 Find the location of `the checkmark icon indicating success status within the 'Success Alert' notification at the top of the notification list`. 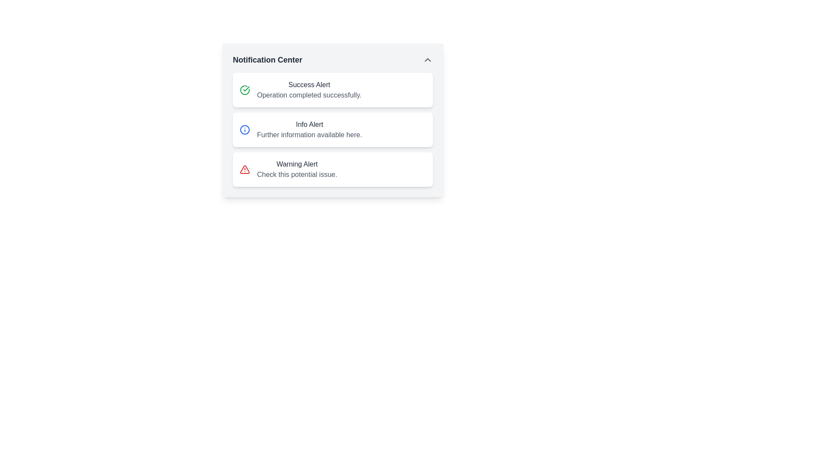

the checkmark icon indicating success status within the 'Success Alert' notification at the top of the notification list is located at coordinates (246, 88).